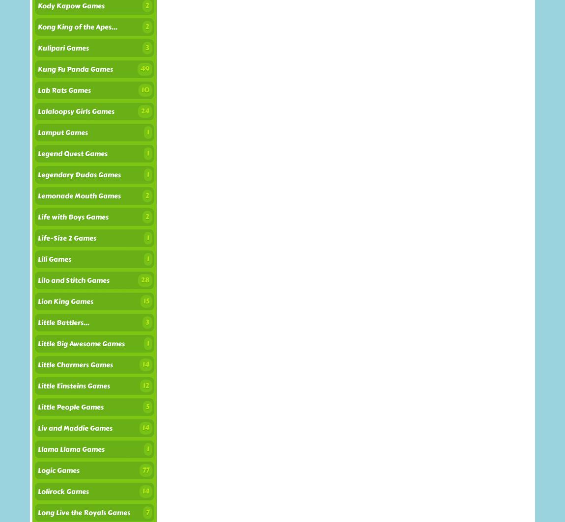 This screenshot has height=522, width=565. What do you see at coordinates (145, 279) in the screenshot?
I see `'28'` at bounding box center [145, 279].